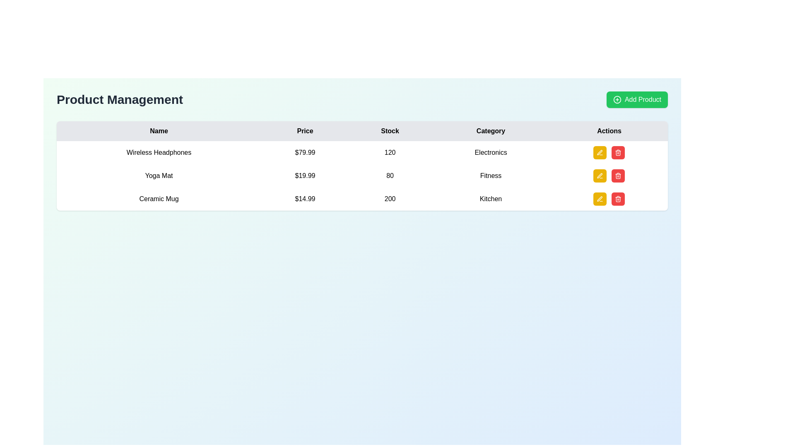  Describe the element at coordinates (618, 199) in the screenshot. I see `the delete button located in the 'Actions' column of the row corresponding to the 'Ceramic Mug' product entry` at that location.